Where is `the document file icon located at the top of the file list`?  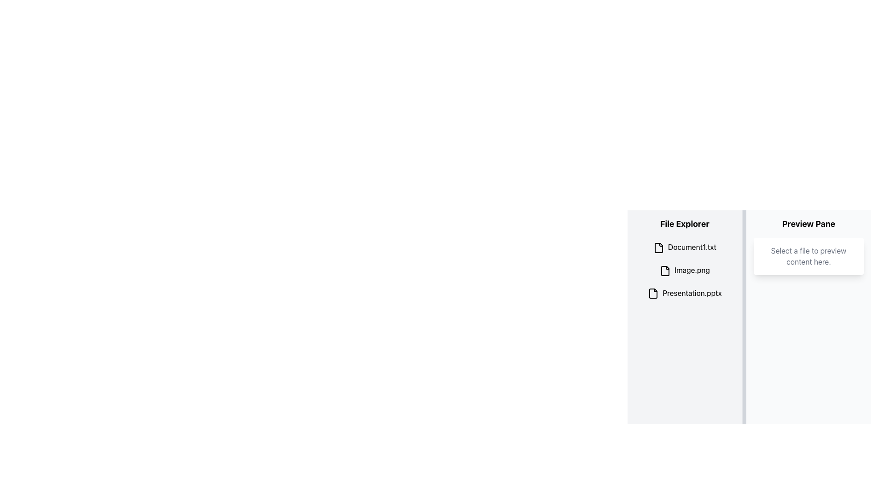 the document file icon located at the top of the file list is located at coordinates (658, 247).